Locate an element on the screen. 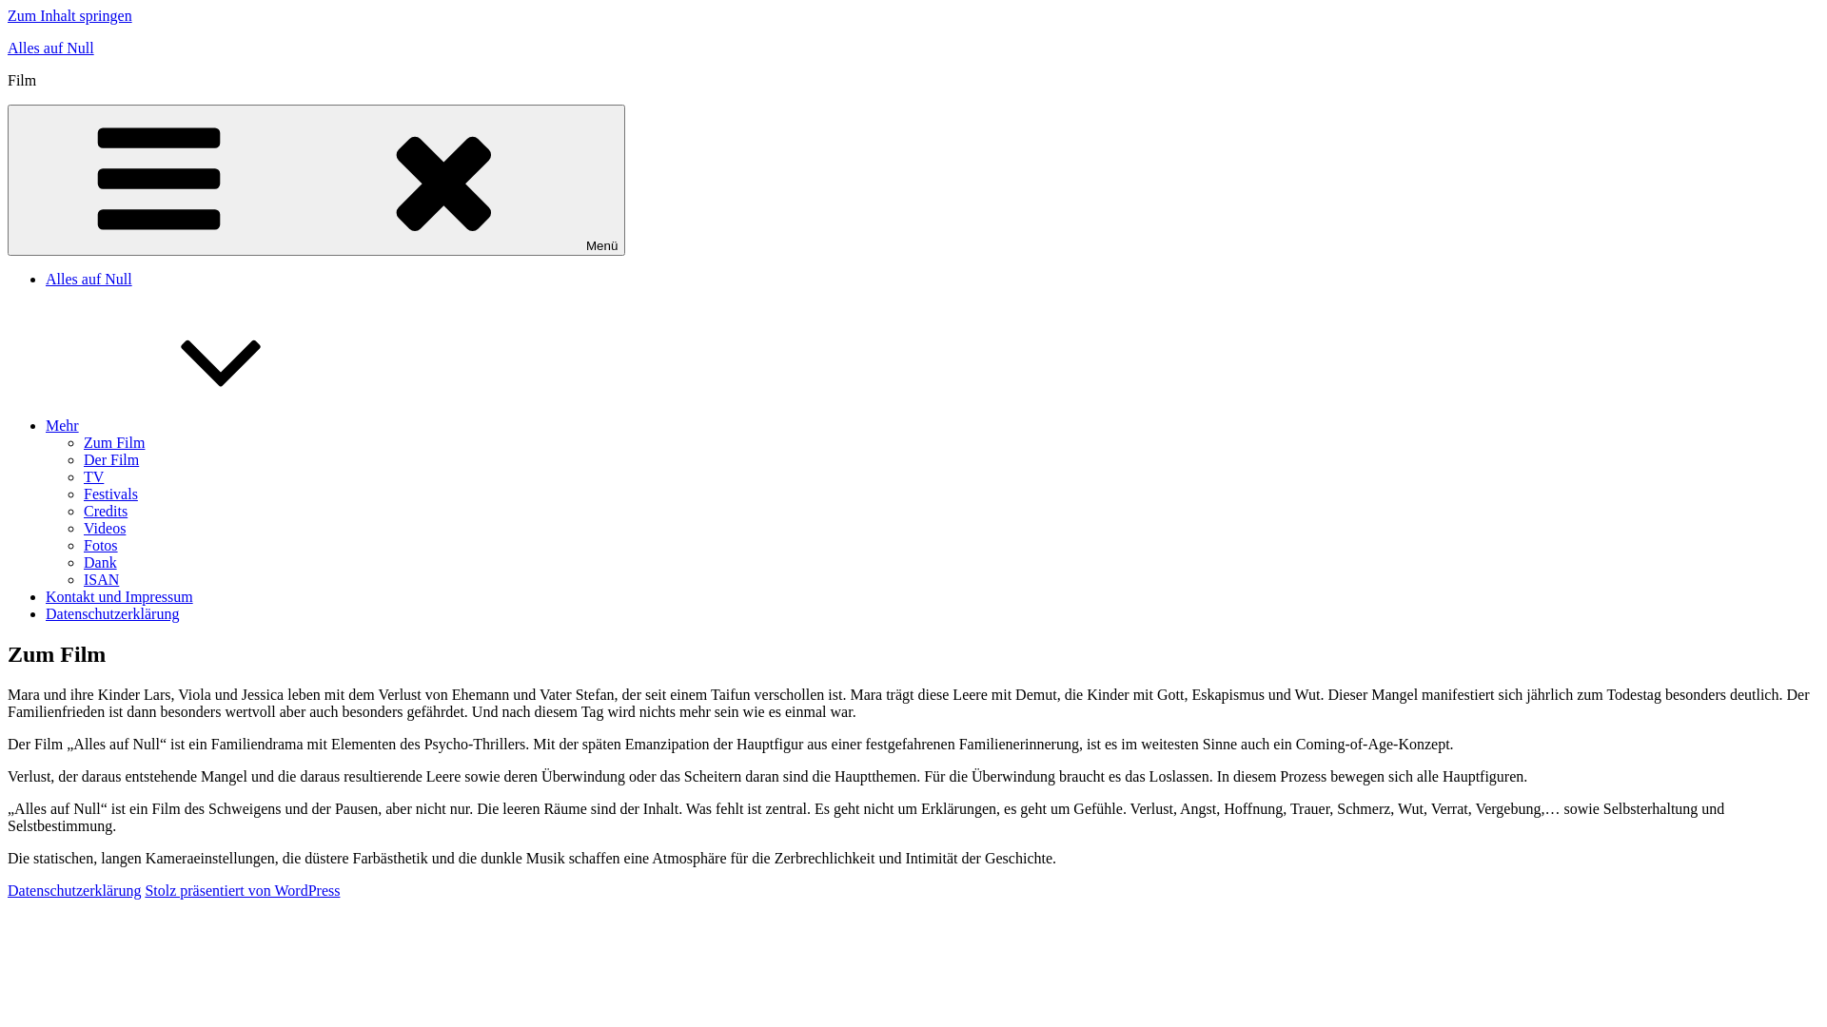 This screenshot has height=1027, width=1827. 'Kontakt und Impressum' is located at coordinates (118, 595).